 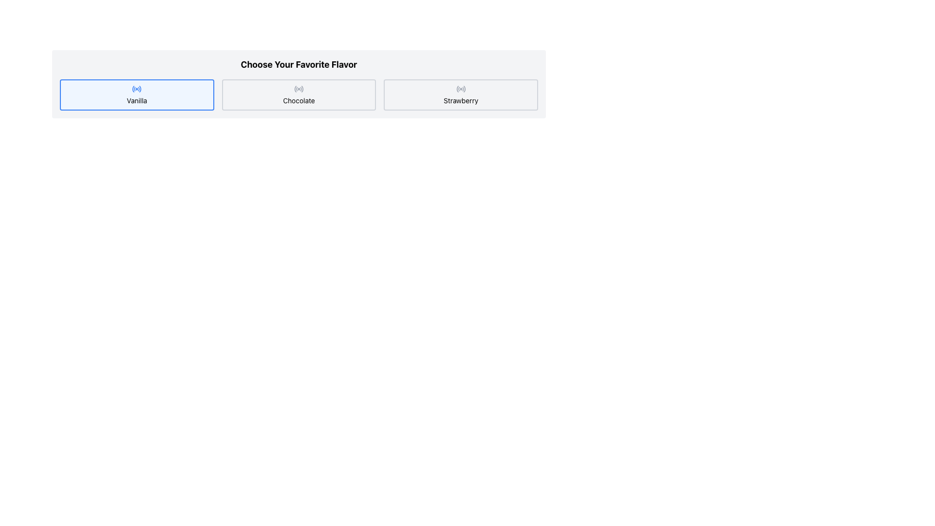 What do you see at coordinates (457, 89) in the screenshot?
I see `the innermost arc of the graphical icon associated with the 'Strawberry' button, which is the third button from the left in the row of options` at bounding box center [457, 89].